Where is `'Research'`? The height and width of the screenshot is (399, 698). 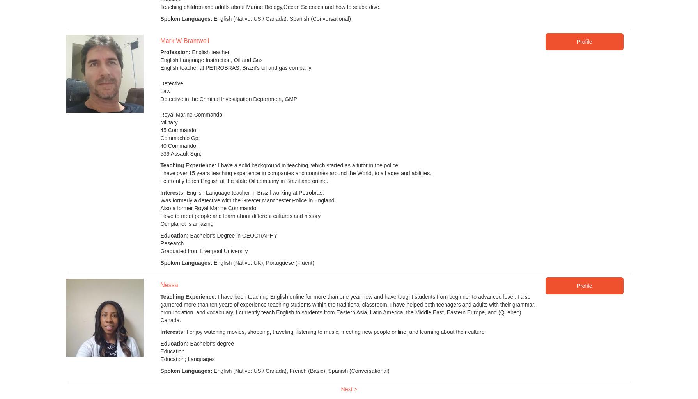
'Research' is located at coordinates (160, 243).